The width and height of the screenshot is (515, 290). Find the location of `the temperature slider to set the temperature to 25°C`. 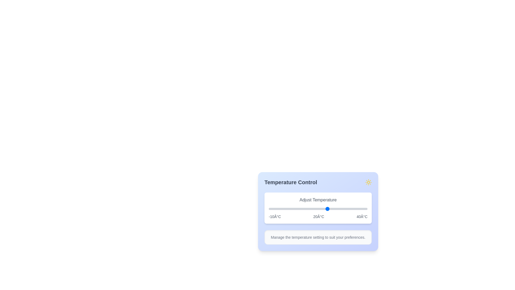

the temperature slider to set the temperature to 25°C is located at coordinates (337, 209).